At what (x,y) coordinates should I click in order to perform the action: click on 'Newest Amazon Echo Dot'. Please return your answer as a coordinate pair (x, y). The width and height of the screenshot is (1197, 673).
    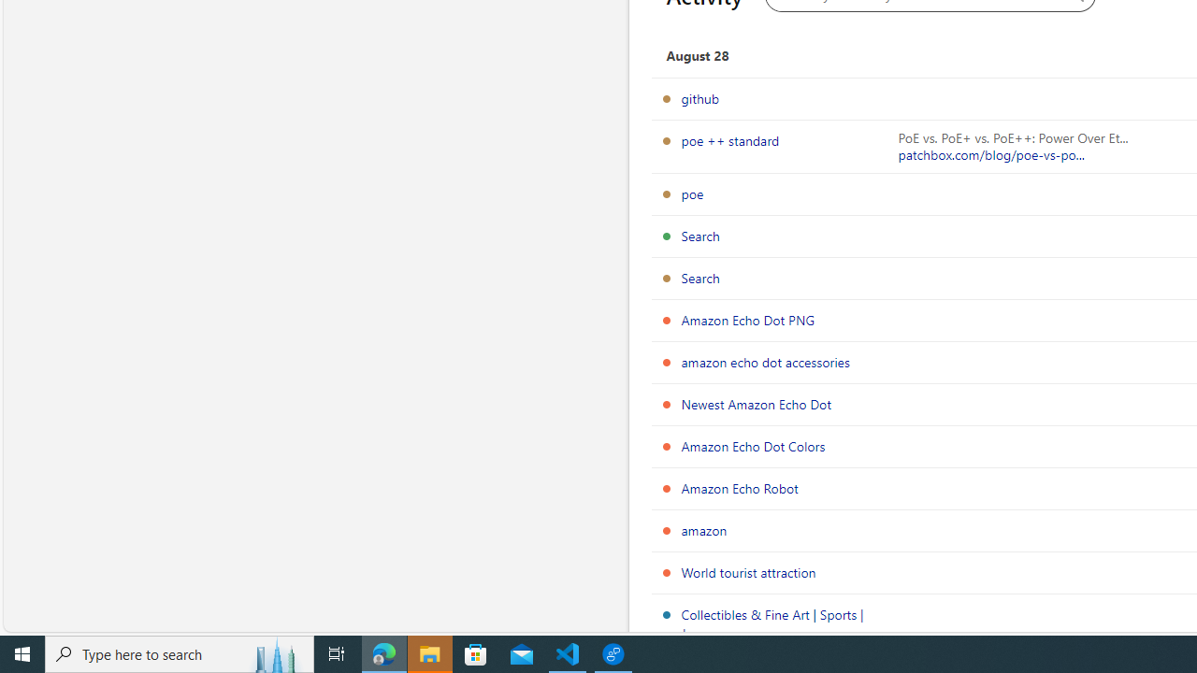
    Looking at the image, I should click on (756, 403).